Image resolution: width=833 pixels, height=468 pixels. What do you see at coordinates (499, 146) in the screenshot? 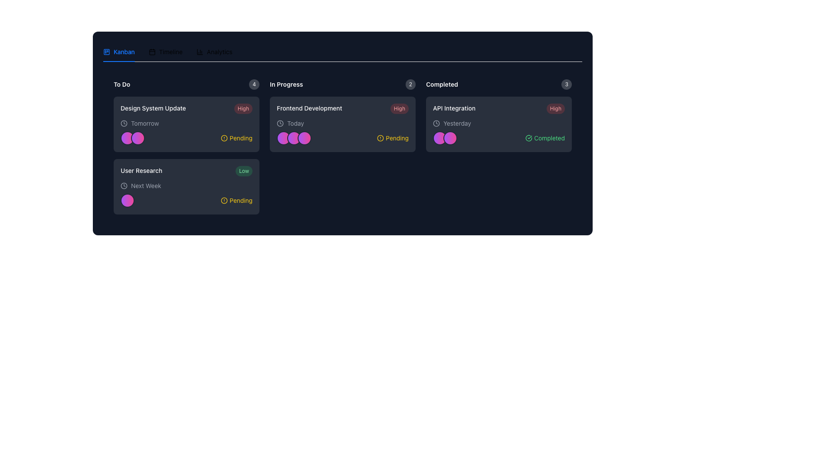
I see `the A task card located in the 'Completed' column of the kanban board` at bounding box center [499, 146].